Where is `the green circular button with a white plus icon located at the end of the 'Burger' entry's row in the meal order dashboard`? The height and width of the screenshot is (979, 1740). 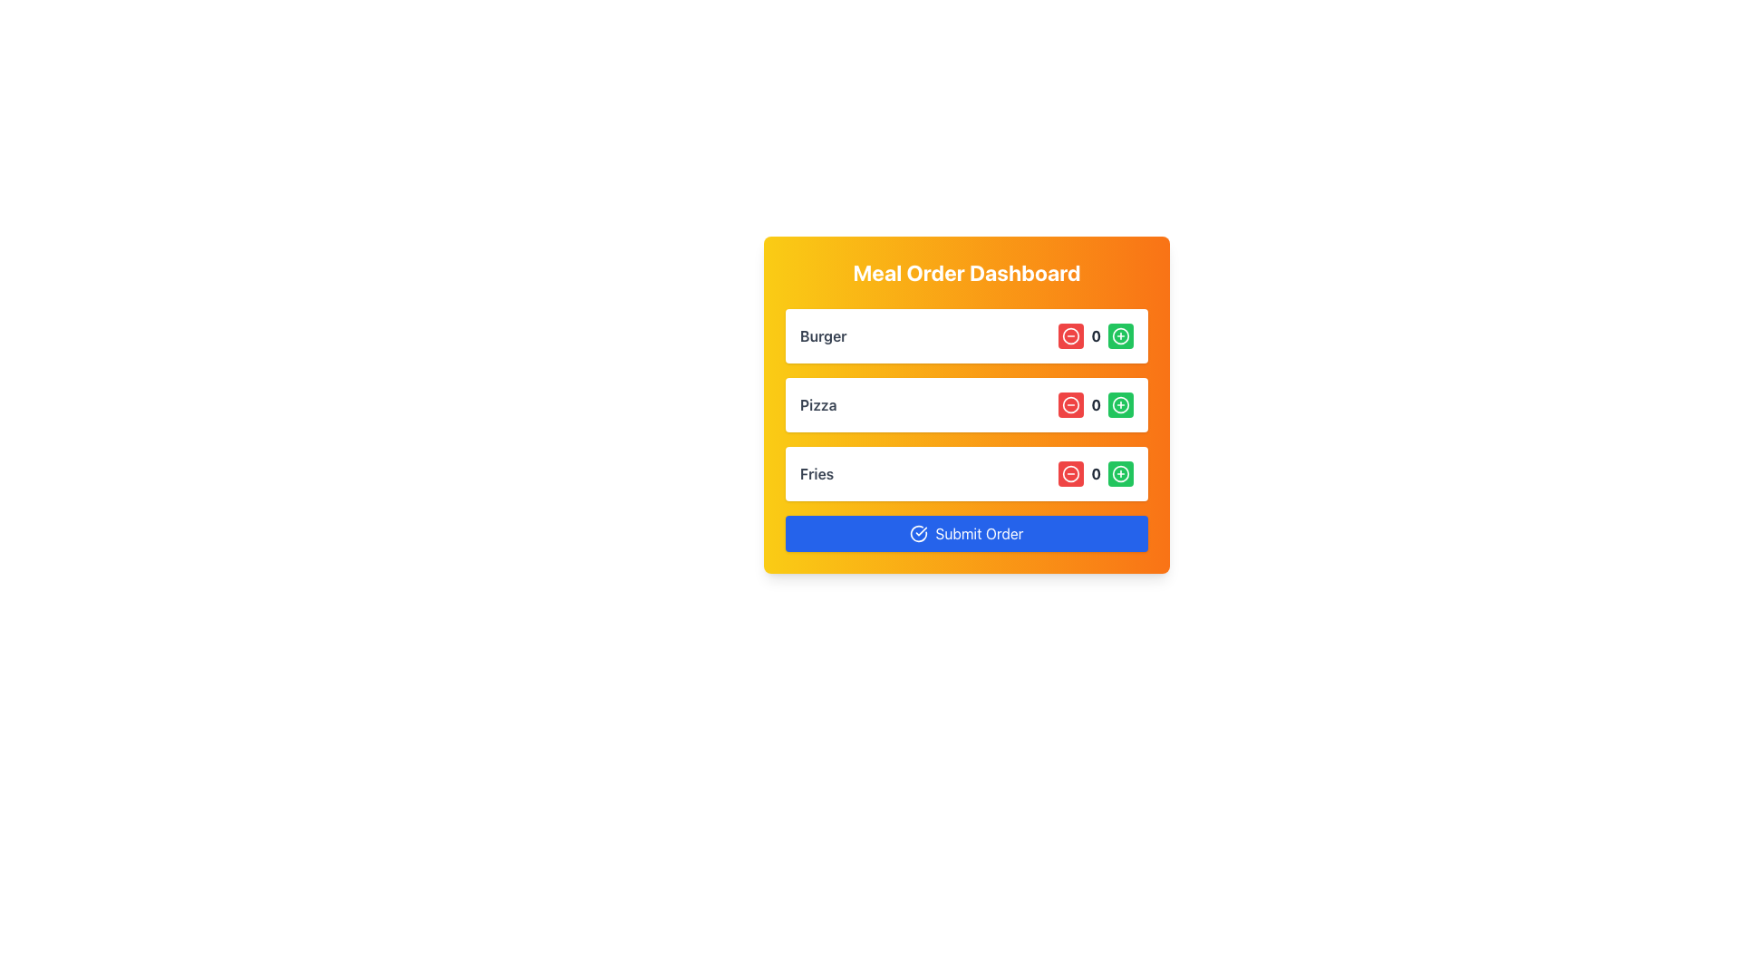
the green circular button with a white plus icon located at the end of the 'Burger' entry's row in the meal order dashboard is located at coordinates (1120, 335).